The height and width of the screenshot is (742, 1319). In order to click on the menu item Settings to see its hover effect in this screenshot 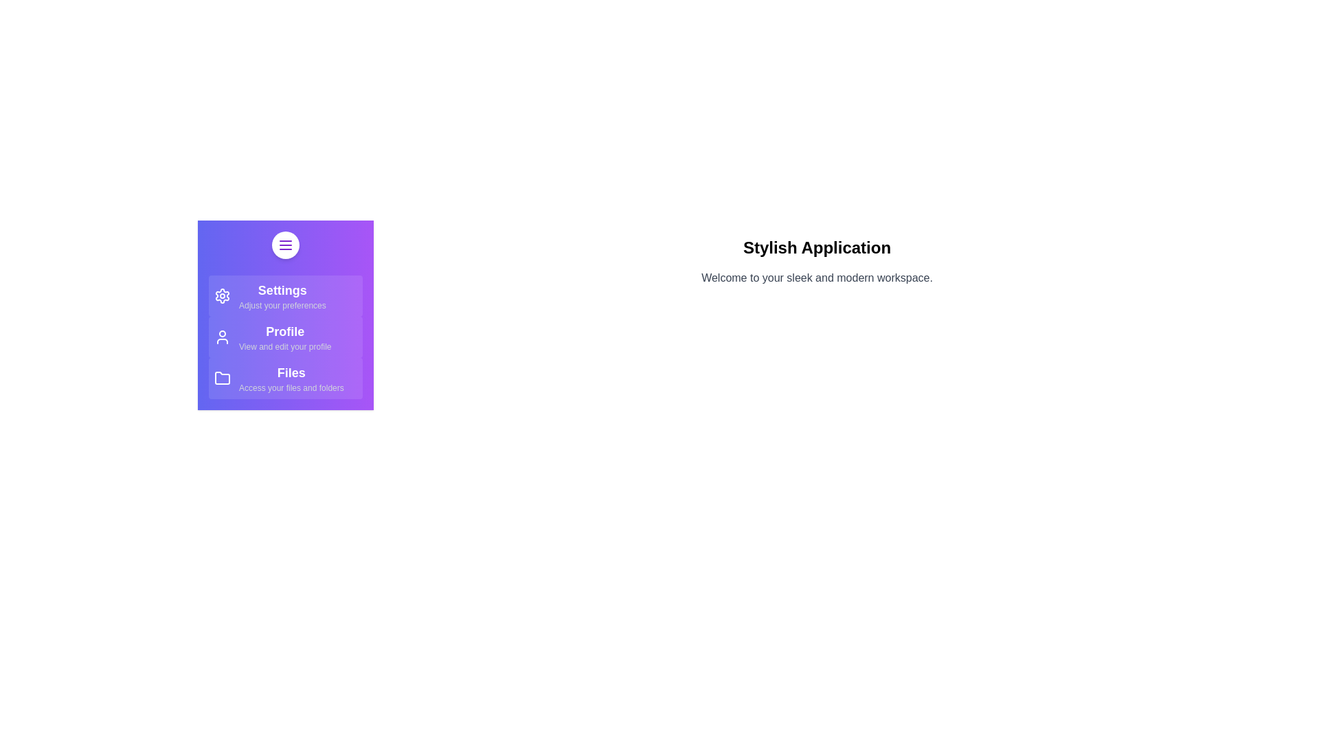, I will do `click(285, 295)`.